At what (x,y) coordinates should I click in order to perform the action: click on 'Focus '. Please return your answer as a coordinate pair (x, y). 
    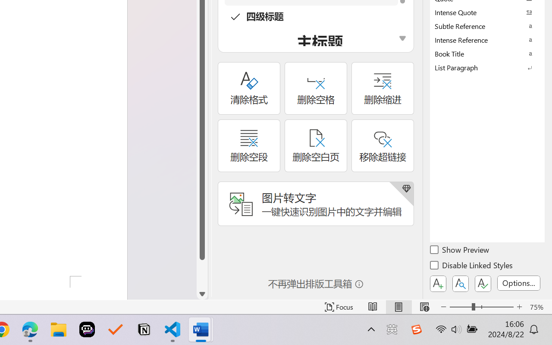
    Looking at the image, I should click on (339, 307).